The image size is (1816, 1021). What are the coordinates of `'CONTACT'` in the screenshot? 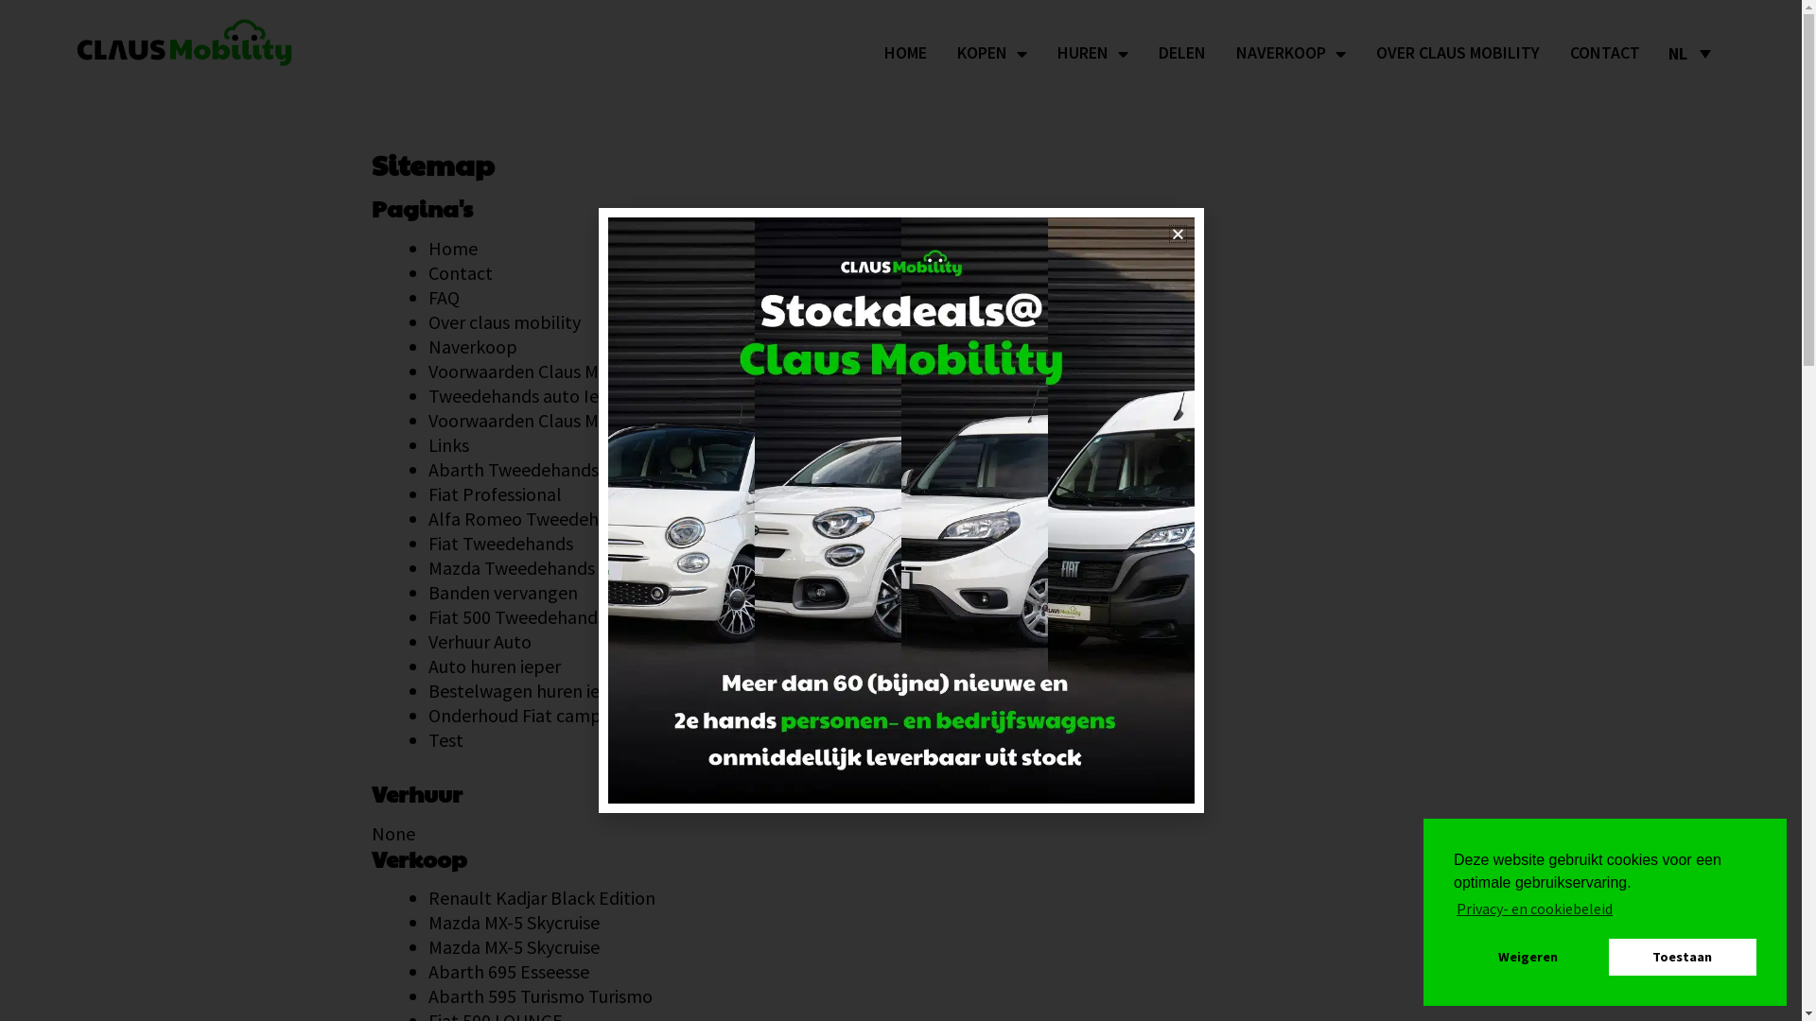 It's located at (1604, 52).